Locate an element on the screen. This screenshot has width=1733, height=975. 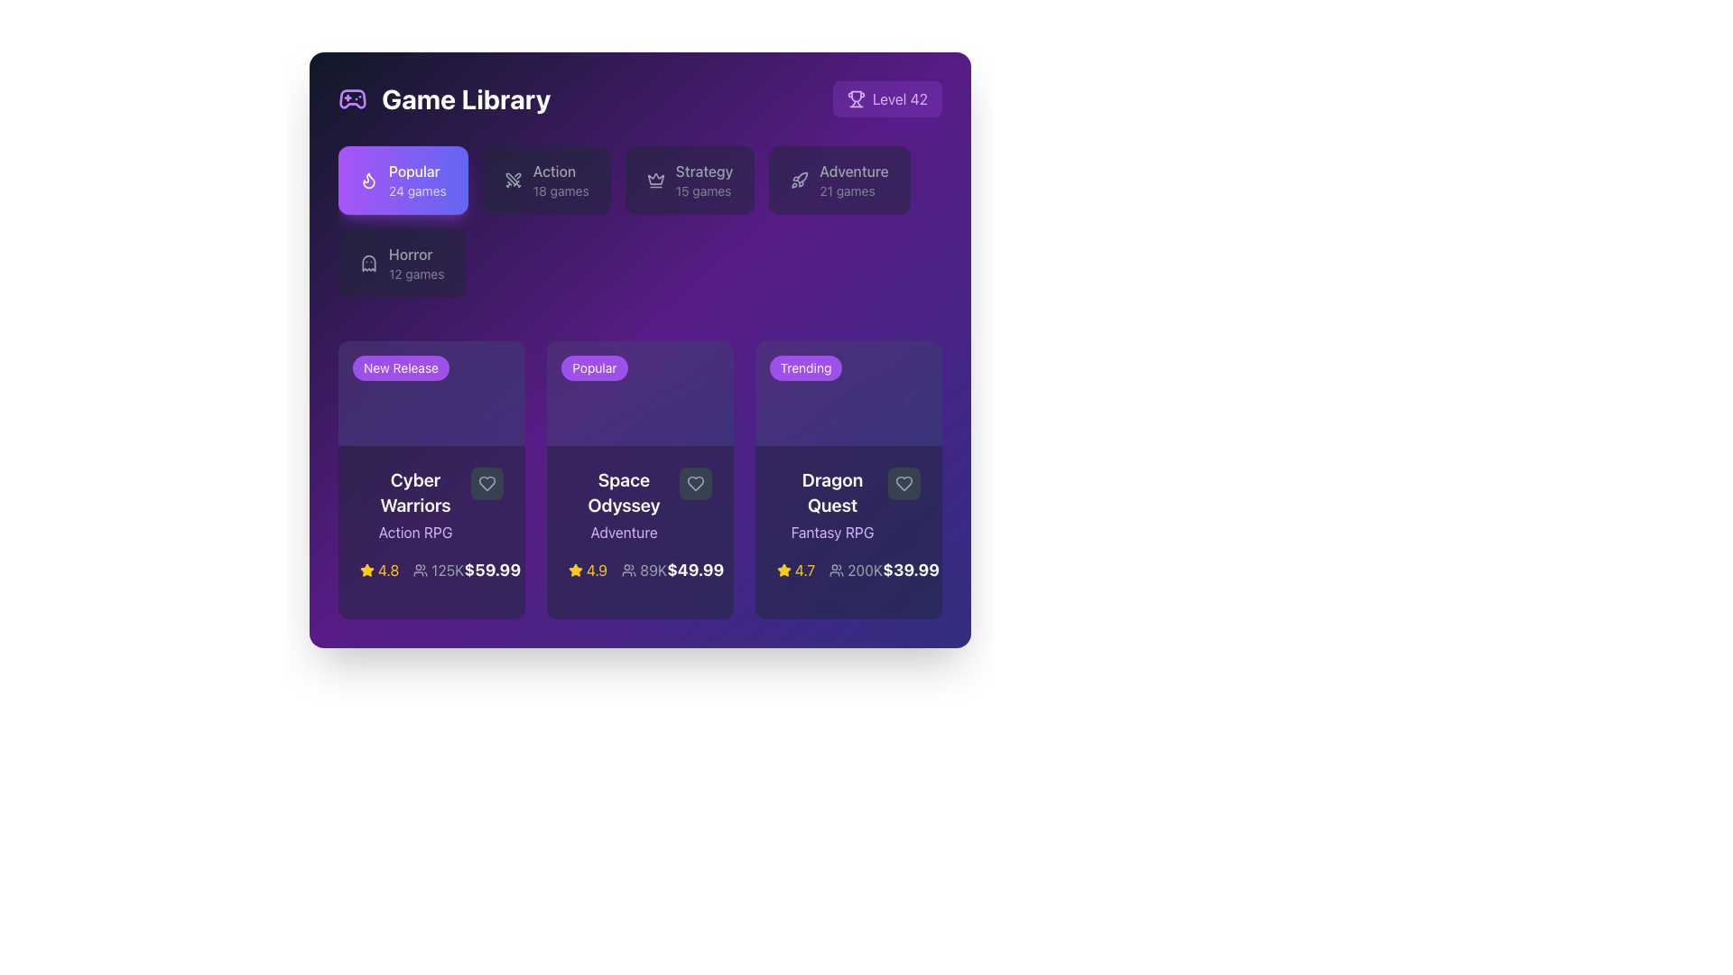
the heart-shaped icon button located at the top-right corner of the 'Cyber Warriors' card to trigger the tooltip or animation is located at coordinates (487, 483).